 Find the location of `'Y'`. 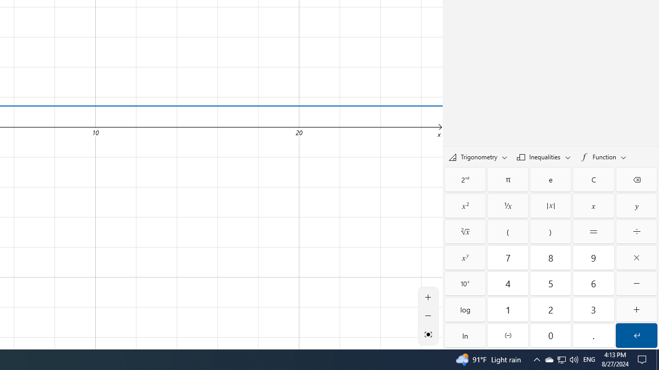

'Y' is located at coordinates (636, 206).